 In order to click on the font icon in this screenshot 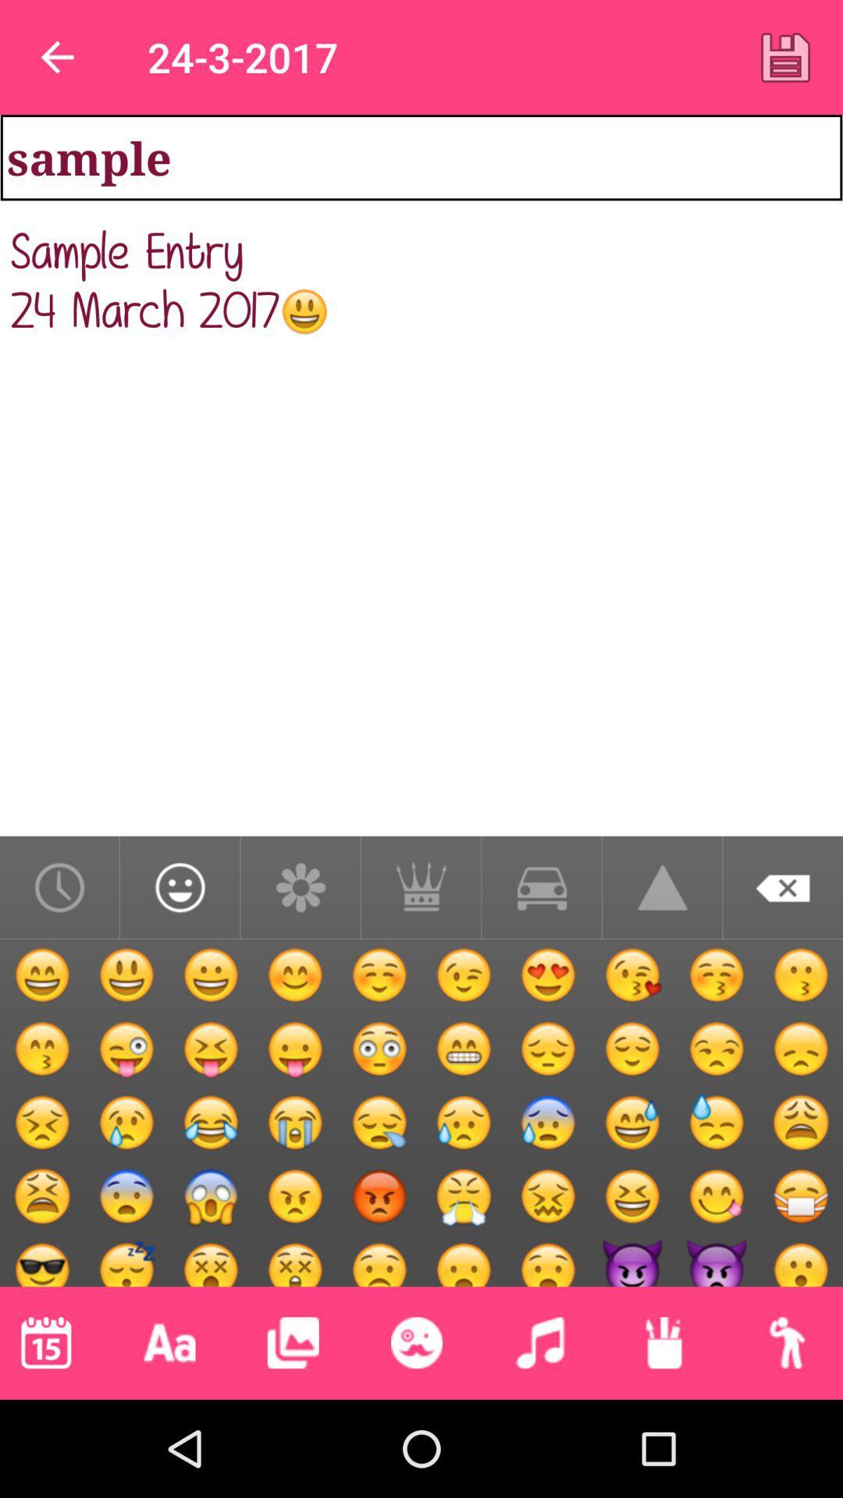, I will do `click(169, 1342)`.